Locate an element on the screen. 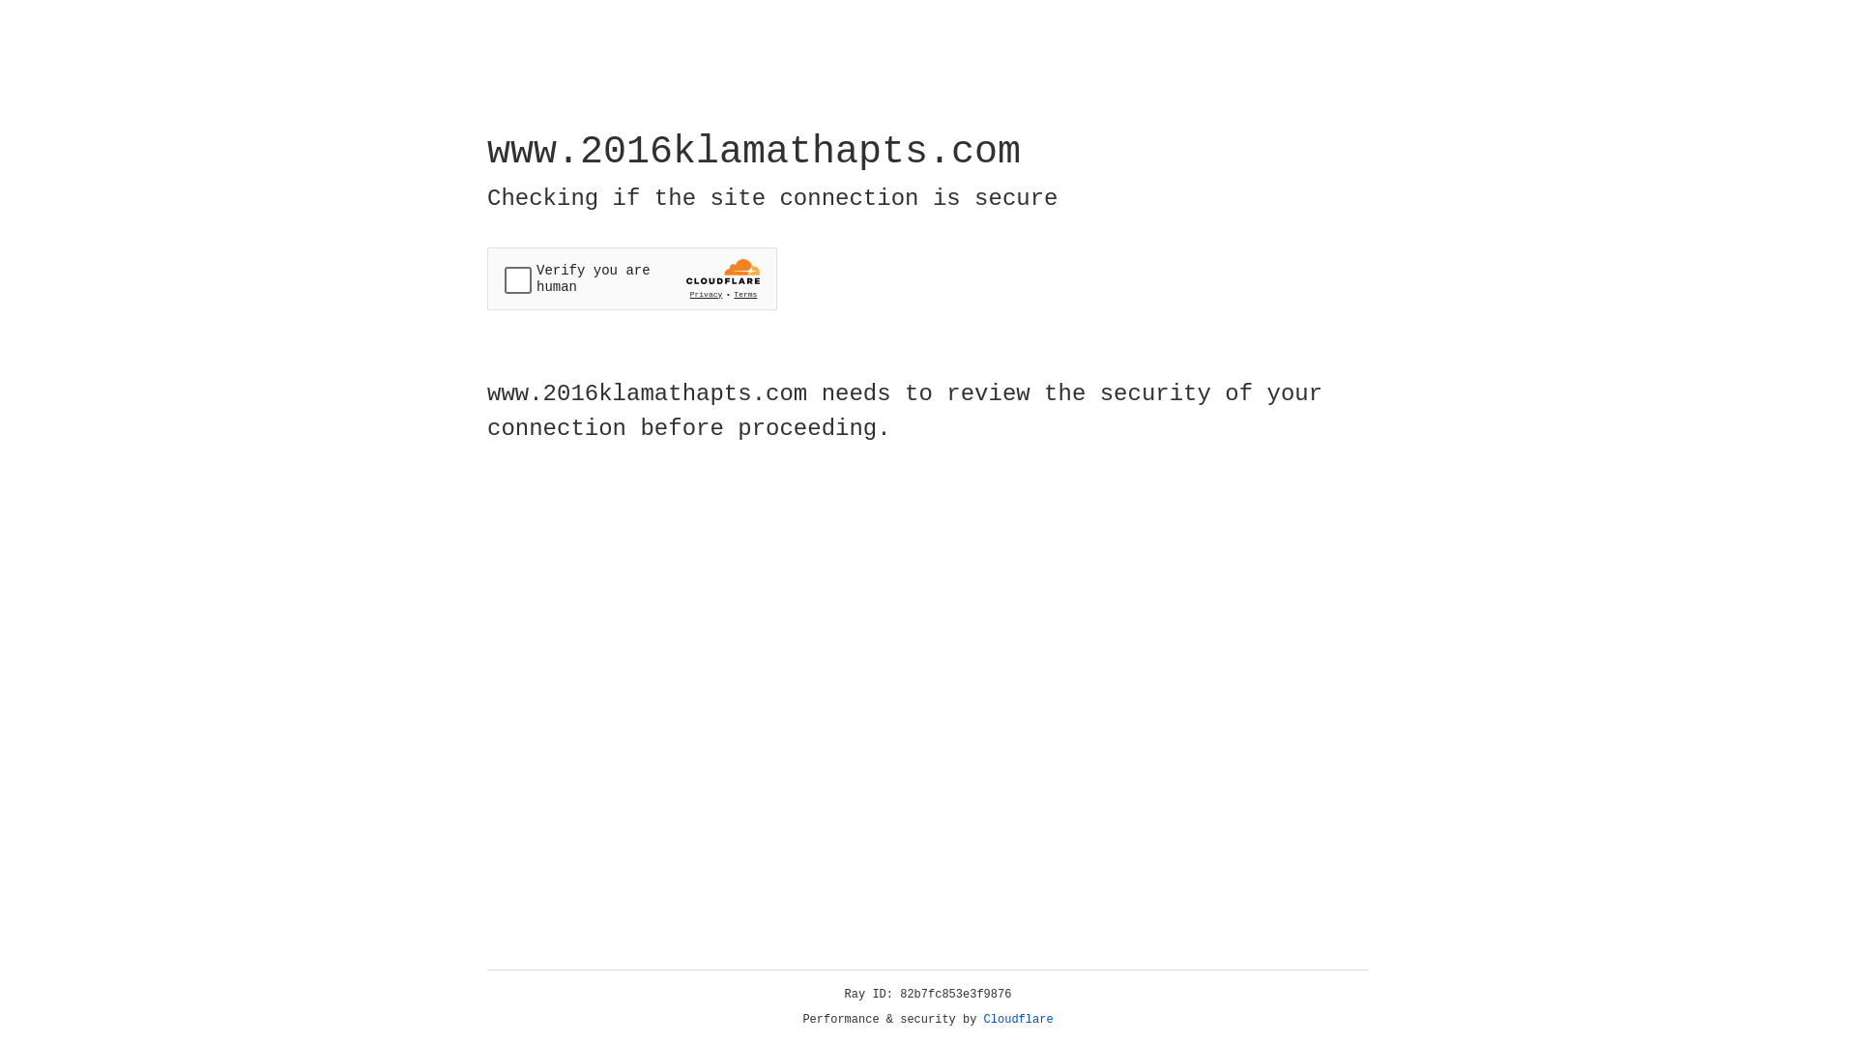 The image size is (1856, 1044). 'Widget containing a Cloudflare security challenge' is located at coordinates (631, 278).